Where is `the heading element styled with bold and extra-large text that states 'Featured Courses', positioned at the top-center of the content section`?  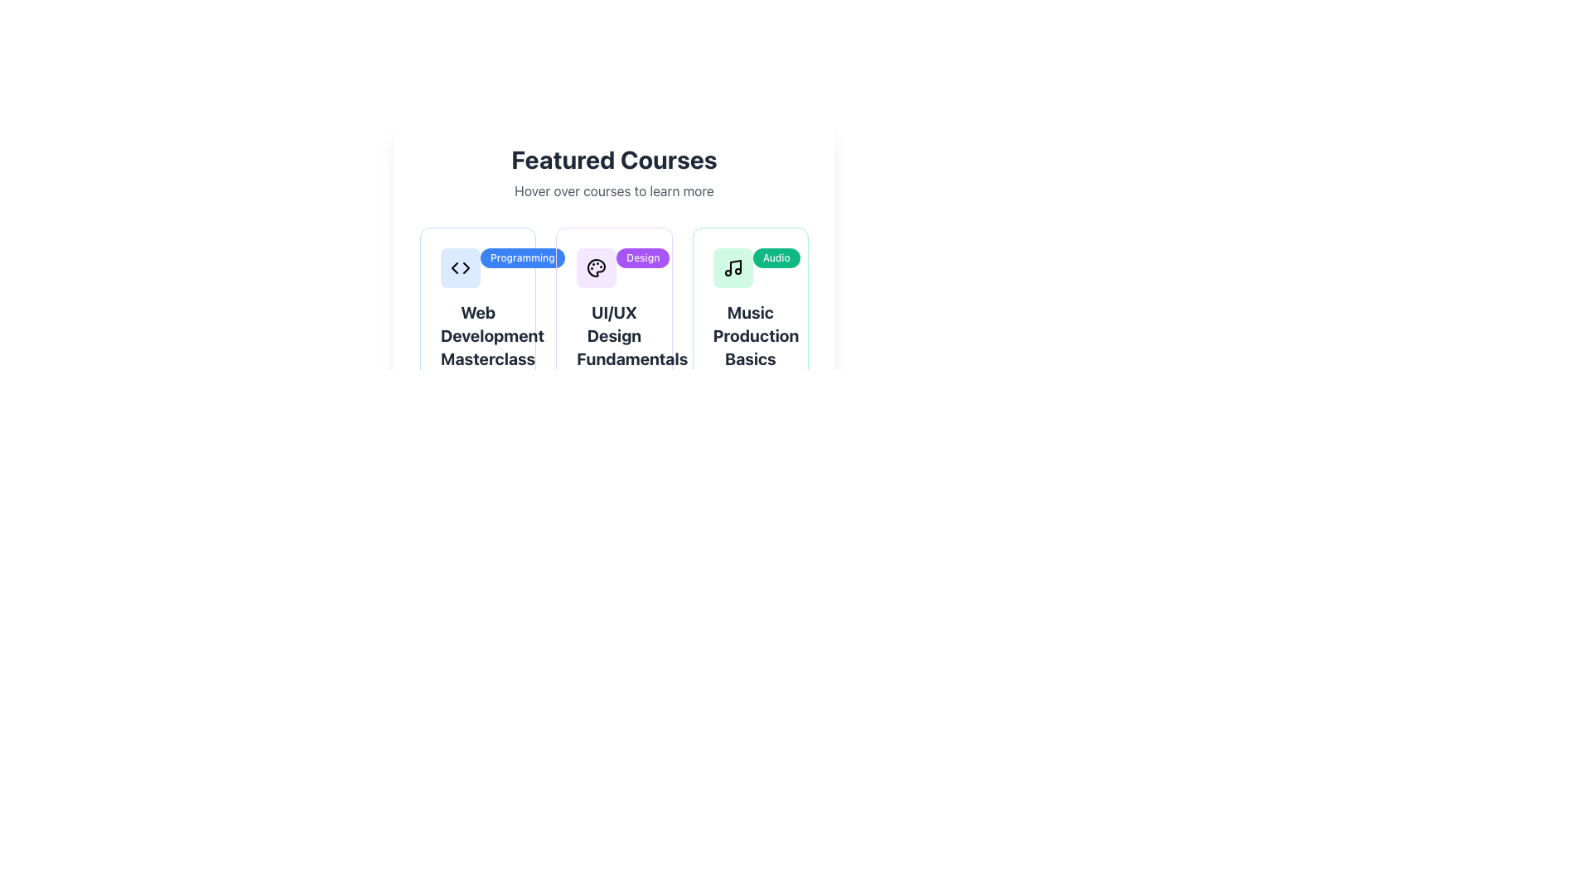
the heading element styled with bold and extra-large text that states 'Featured Courses', positioned at the top-center of the content section is located at coordinates (613, 159).